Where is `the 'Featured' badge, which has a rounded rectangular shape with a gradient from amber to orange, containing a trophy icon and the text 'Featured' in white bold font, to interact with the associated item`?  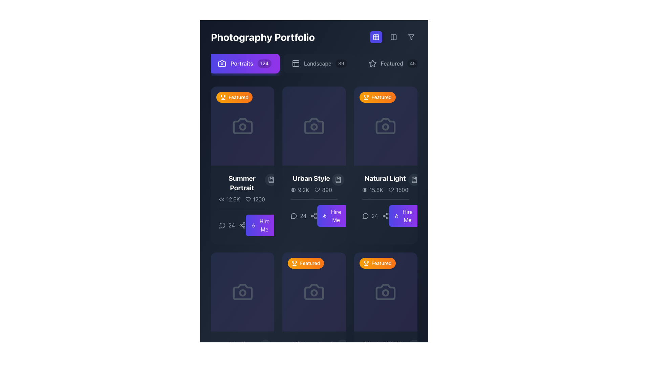
the 'Featured' badge, which has a rounded rectangular shape with a gradient from amber to orange, containing a trophy icon and the text 'Featured' in white bold font, to interact with the associated item is located at coordinates (234, 97).